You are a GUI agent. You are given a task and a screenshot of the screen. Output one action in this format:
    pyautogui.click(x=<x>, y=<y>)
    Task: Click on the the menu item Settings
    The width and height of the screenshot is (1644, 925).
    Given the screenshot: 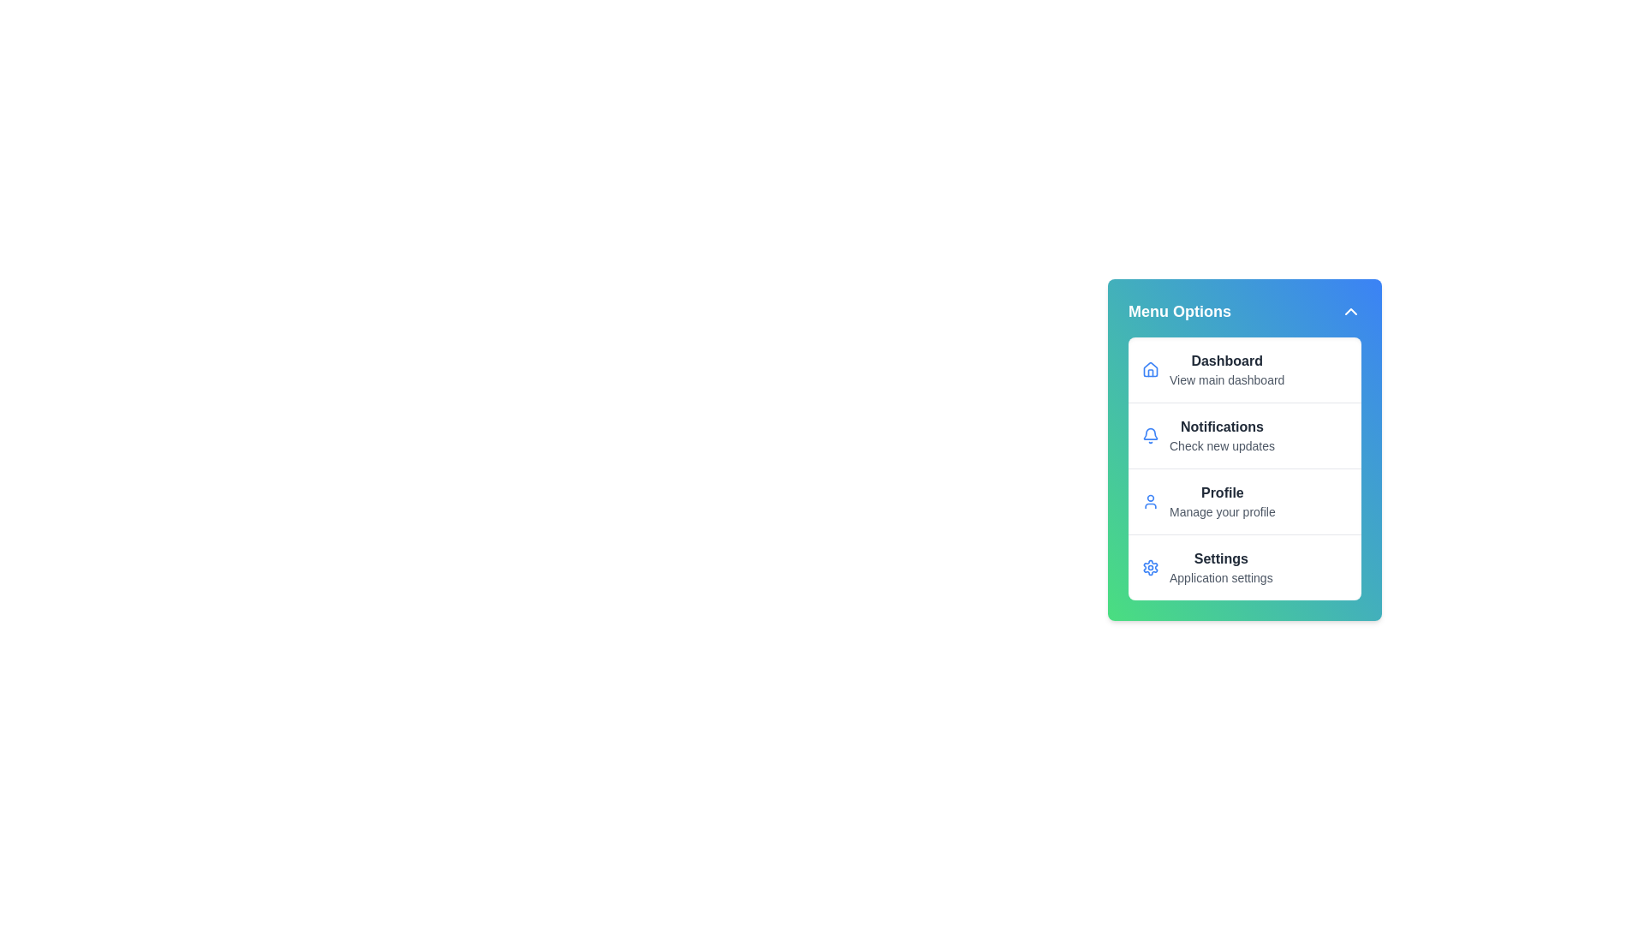 What is the action you would take?
    pyautogui.click(x=1245, y=567)
    